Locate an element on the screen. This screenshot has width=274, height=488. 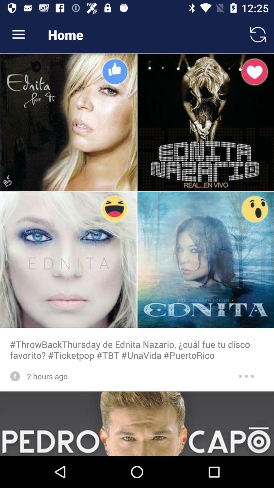
icon to the left of home icon is located at coordinates (18, 34).